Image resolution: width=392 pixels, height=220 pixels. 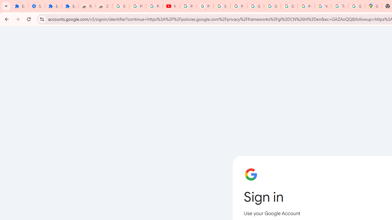 What do you see at coordinates (373, 6) in the screenshot?
I see `'Google Maps'` at bounding box center [373, 6].